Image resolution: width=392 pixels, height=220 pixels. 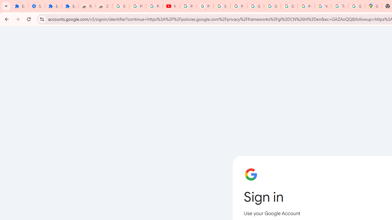 What do you see at coordinates (373, 6) in the screenshot?
I see `'Google Maps'` at bounding box center [373, 6].